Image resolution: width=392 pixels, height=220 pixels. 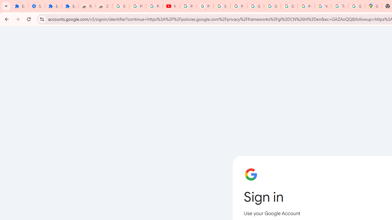 What do you see at coordinates (373, 6) in the screenshot?
I see `'Google Maps'` at bounding box center [373, 6].